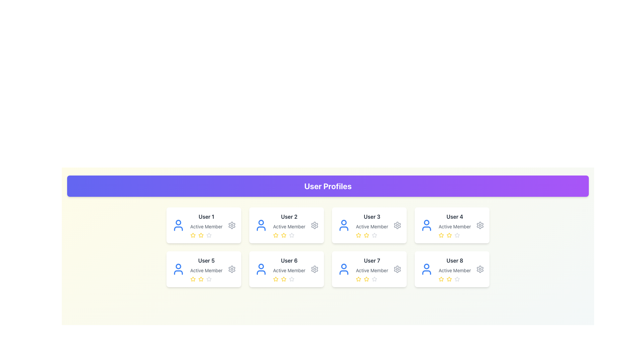 This screenshot has width=638, height=359. Describe the element at coordinates (286, 269) in the screenshot. I see `the user information card displaying 'User 6' with a blue user icon and gear icon, located in the second row, second column of the grid layout` at that location.